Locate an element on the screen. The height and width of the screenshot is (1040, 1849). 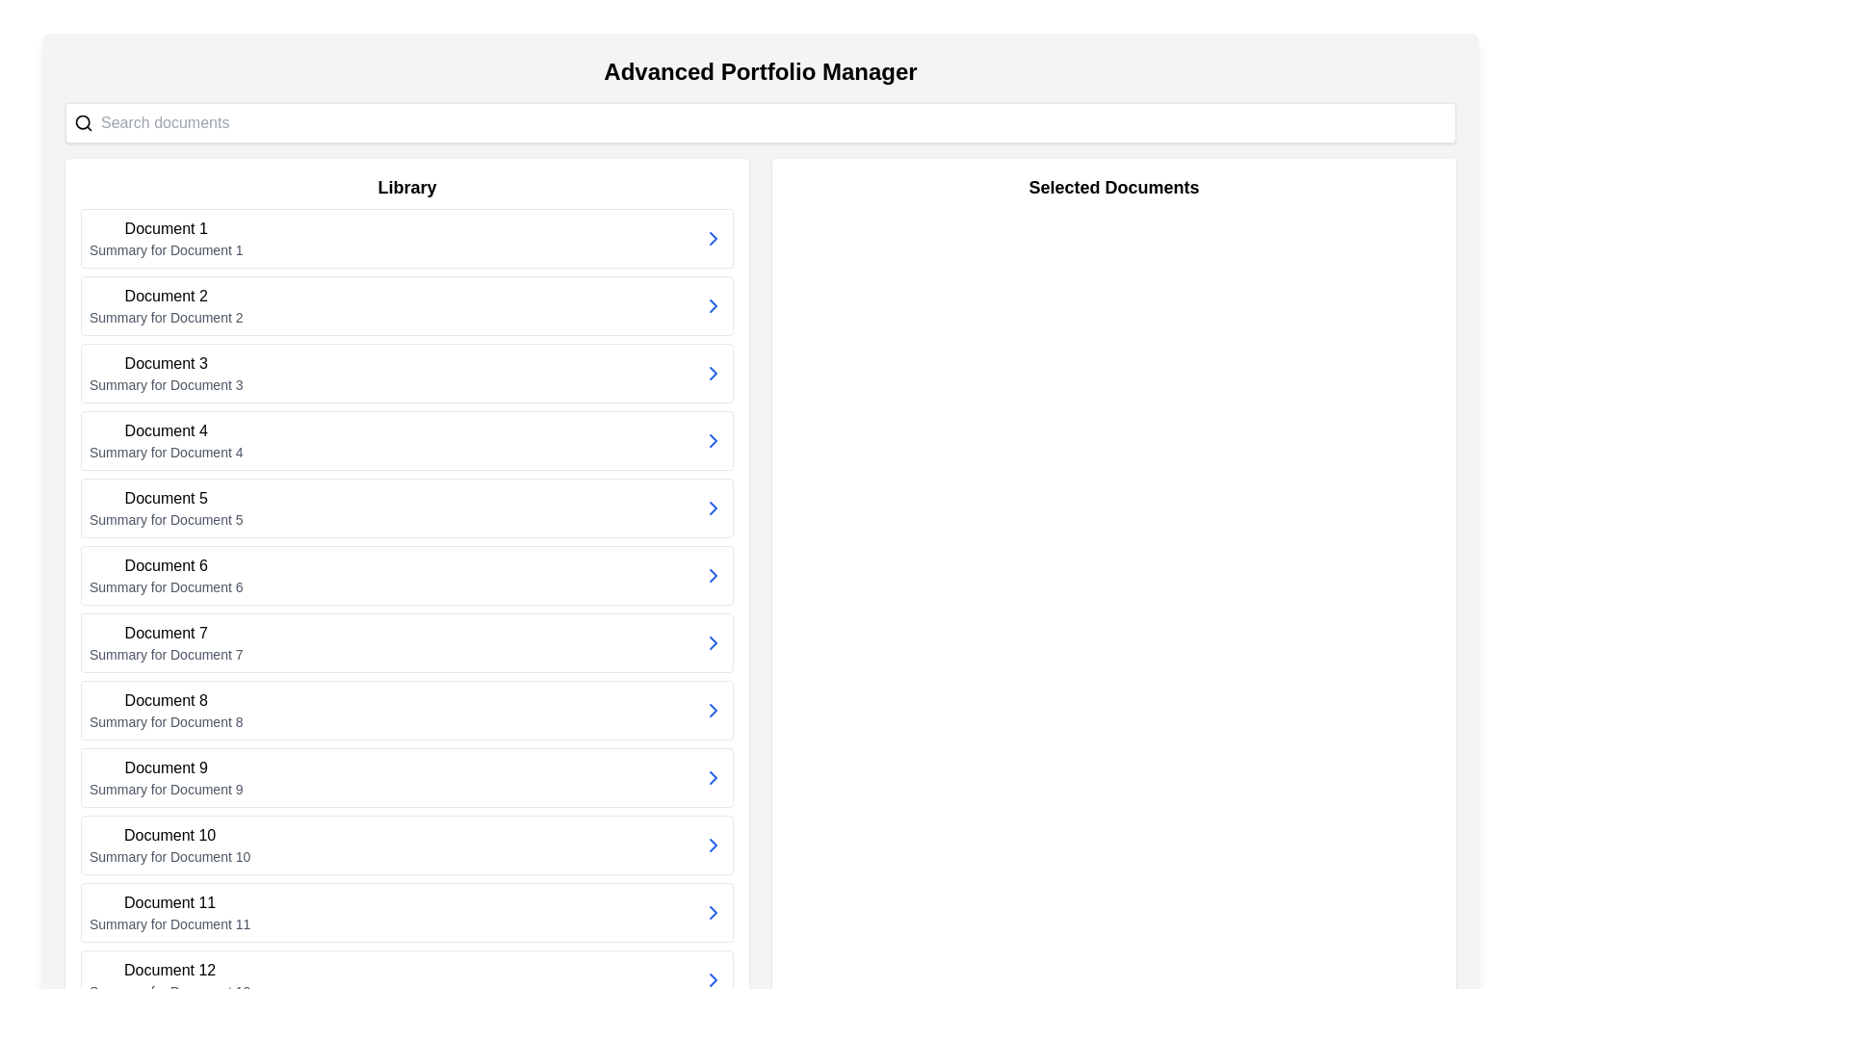
the Composite text item labeled 'Document 3' is located at coordinates (166, 374).